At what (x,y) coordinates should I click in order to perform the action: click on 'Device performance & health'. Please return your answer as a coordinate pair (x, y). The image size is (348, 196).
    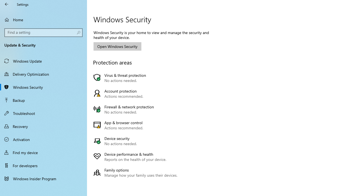
    Looking at the image, I should click on (137, 157).